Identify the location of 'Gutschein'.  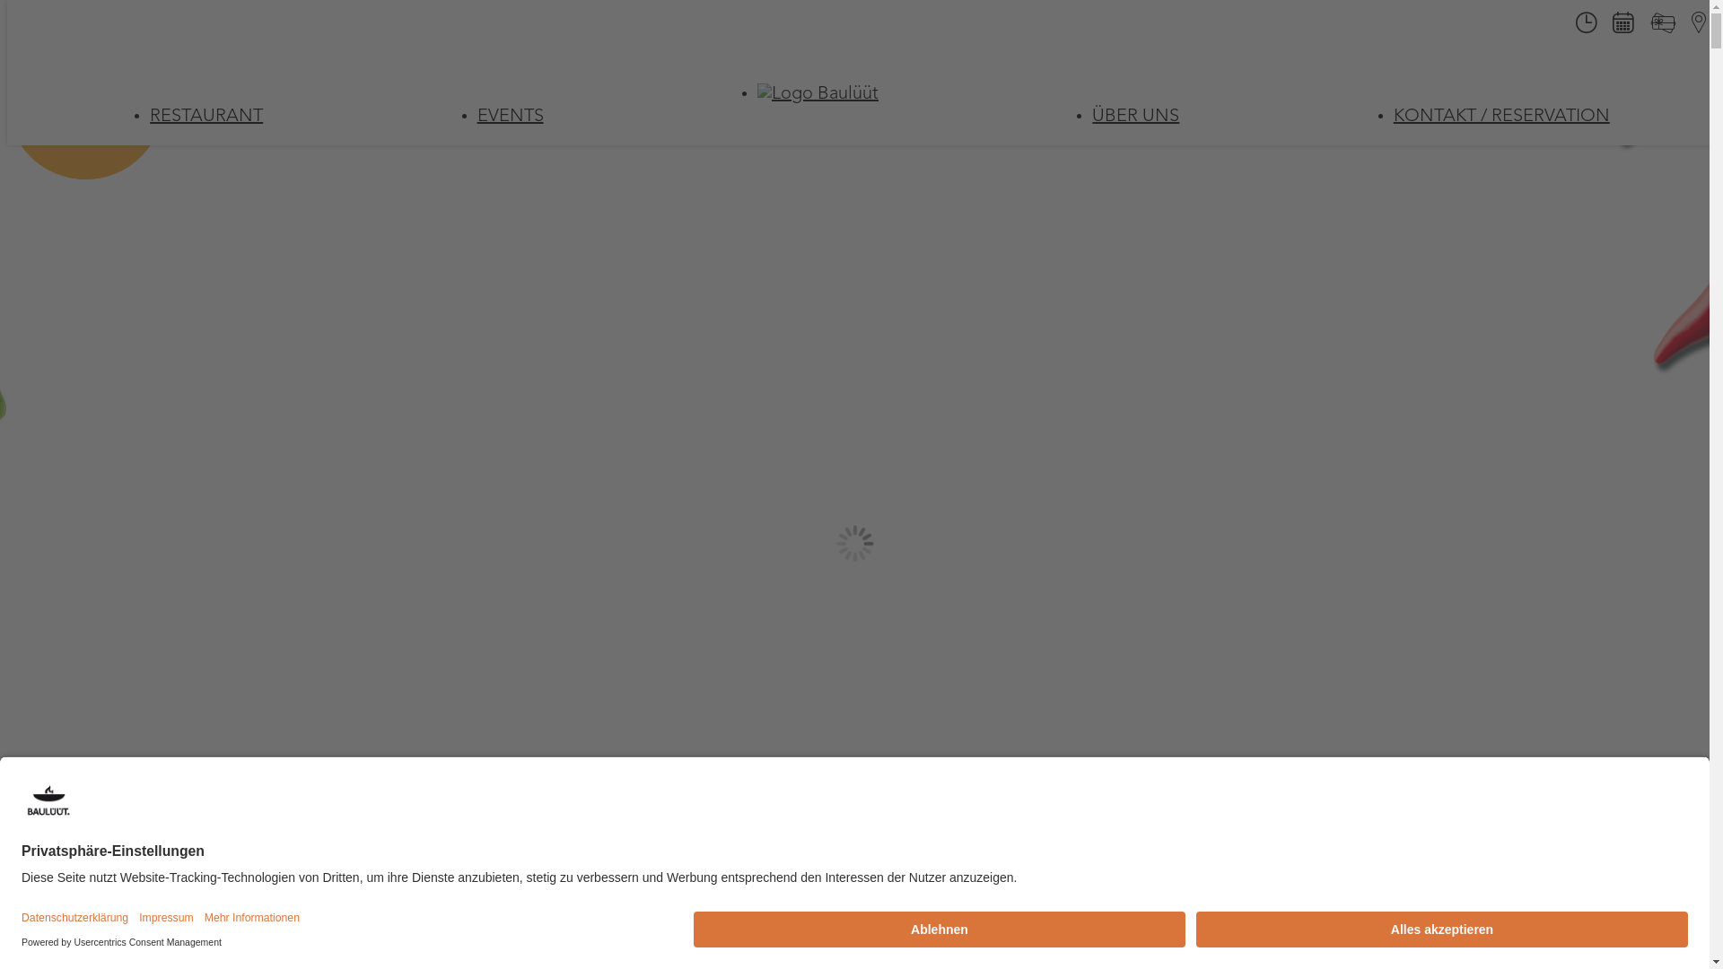
(1661, 30).